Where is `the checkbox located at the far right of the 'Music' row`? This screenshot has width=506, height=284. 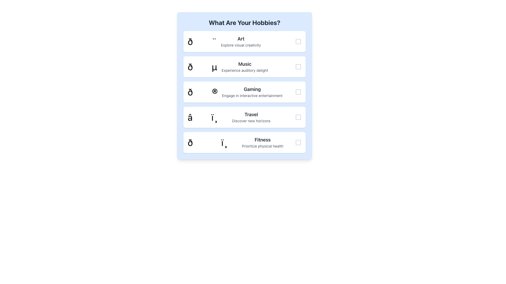
the checkbox located at the far right of the 'Music' row is located at coordinates (298, 67).